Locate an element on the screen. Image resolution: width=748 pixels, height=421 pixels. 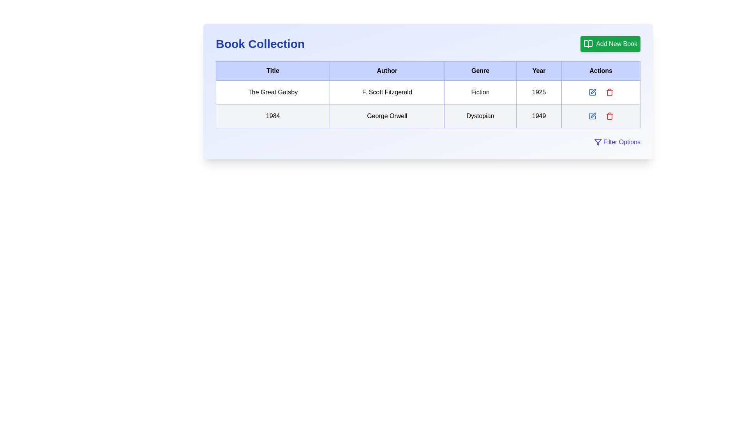
the pen tip shaped icon representing the editing action in the Actions column of the second row in the table is located at coordinates (592, 92).